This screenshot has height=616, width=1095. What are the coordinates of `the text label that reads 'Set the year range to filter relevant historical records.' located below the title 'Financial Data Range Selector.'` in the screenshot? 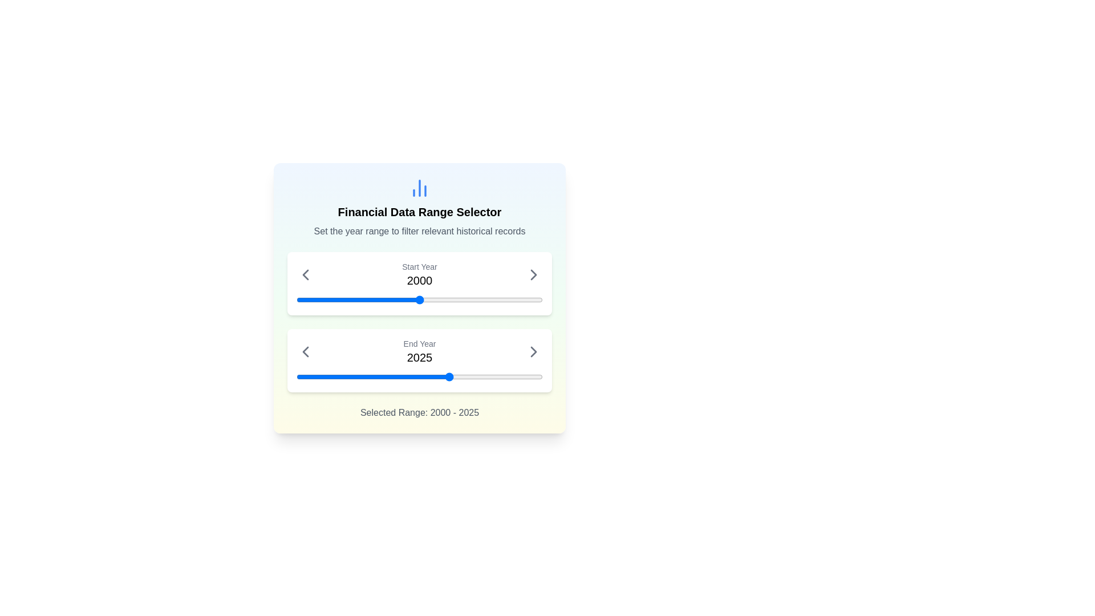 It's located at (419, 231).